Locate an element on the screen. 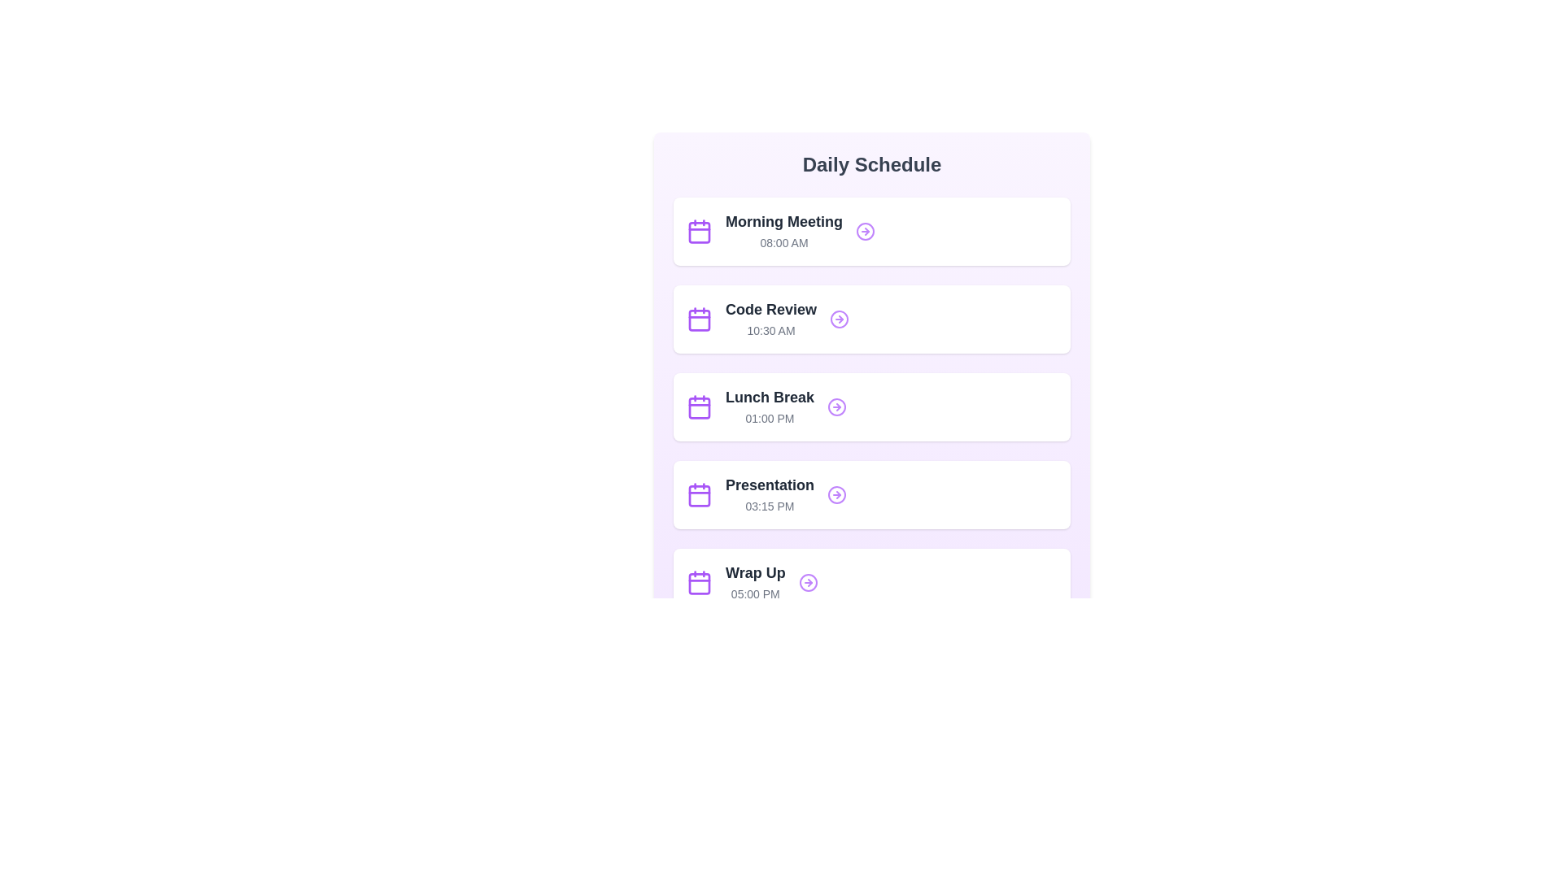 This screenshot has height=878, width=1562. the 'Code Review' card in the Daily Schedule to associate it with its time slot is located at coordinates (870, 319).